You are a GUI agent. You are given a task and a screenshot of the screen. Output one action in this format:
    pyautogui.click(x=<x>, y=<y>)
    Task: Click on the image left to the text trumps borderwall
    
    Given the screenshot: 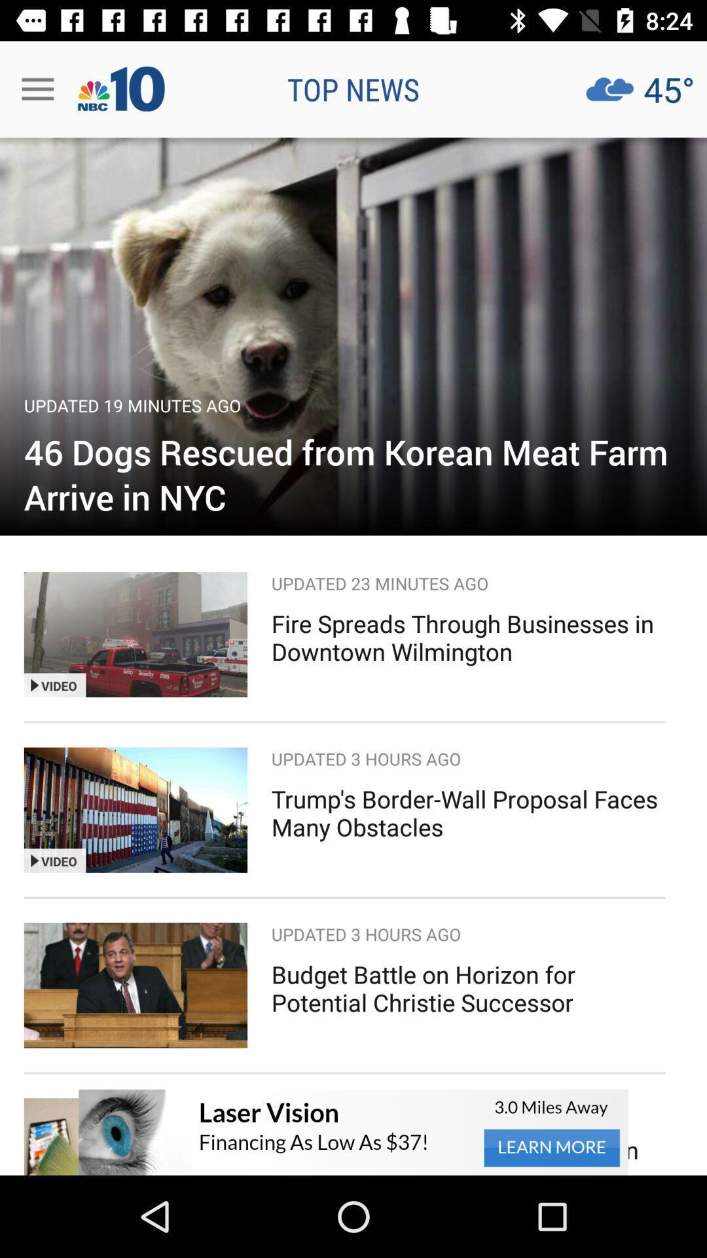 What is the action you would take?
    pyautogui.click(x=136, y=809)
    